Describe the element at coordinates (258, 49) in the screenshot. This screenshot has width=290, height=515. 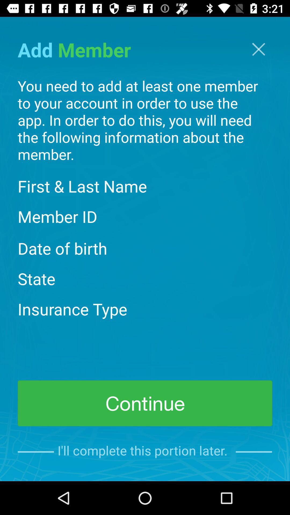
I see `close` at that location.